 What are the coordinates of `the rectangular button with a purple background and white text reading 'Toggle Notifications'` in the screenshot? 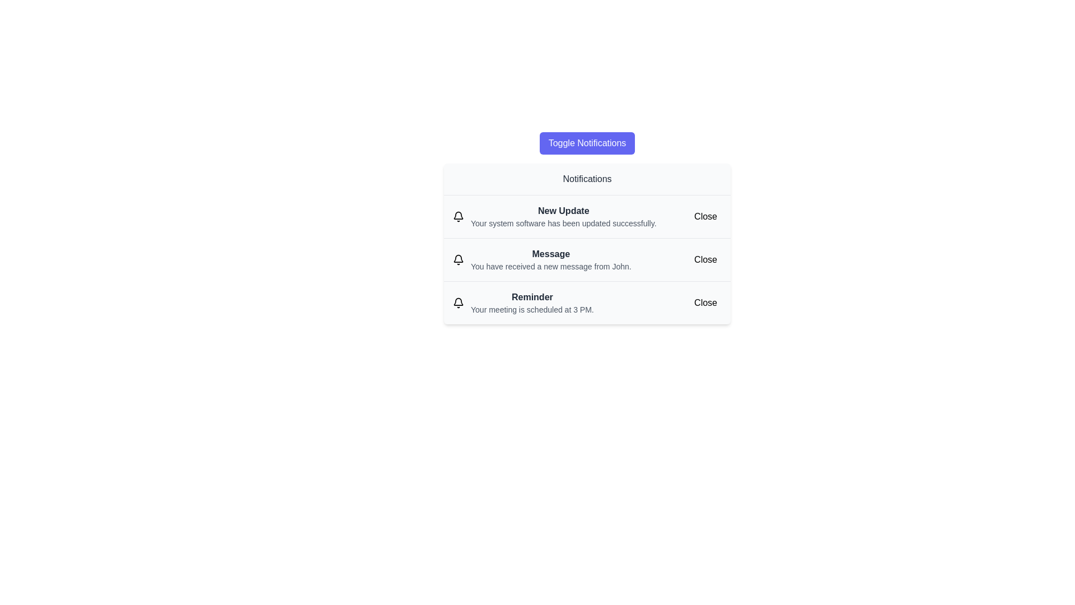 It's located at (587, 142).